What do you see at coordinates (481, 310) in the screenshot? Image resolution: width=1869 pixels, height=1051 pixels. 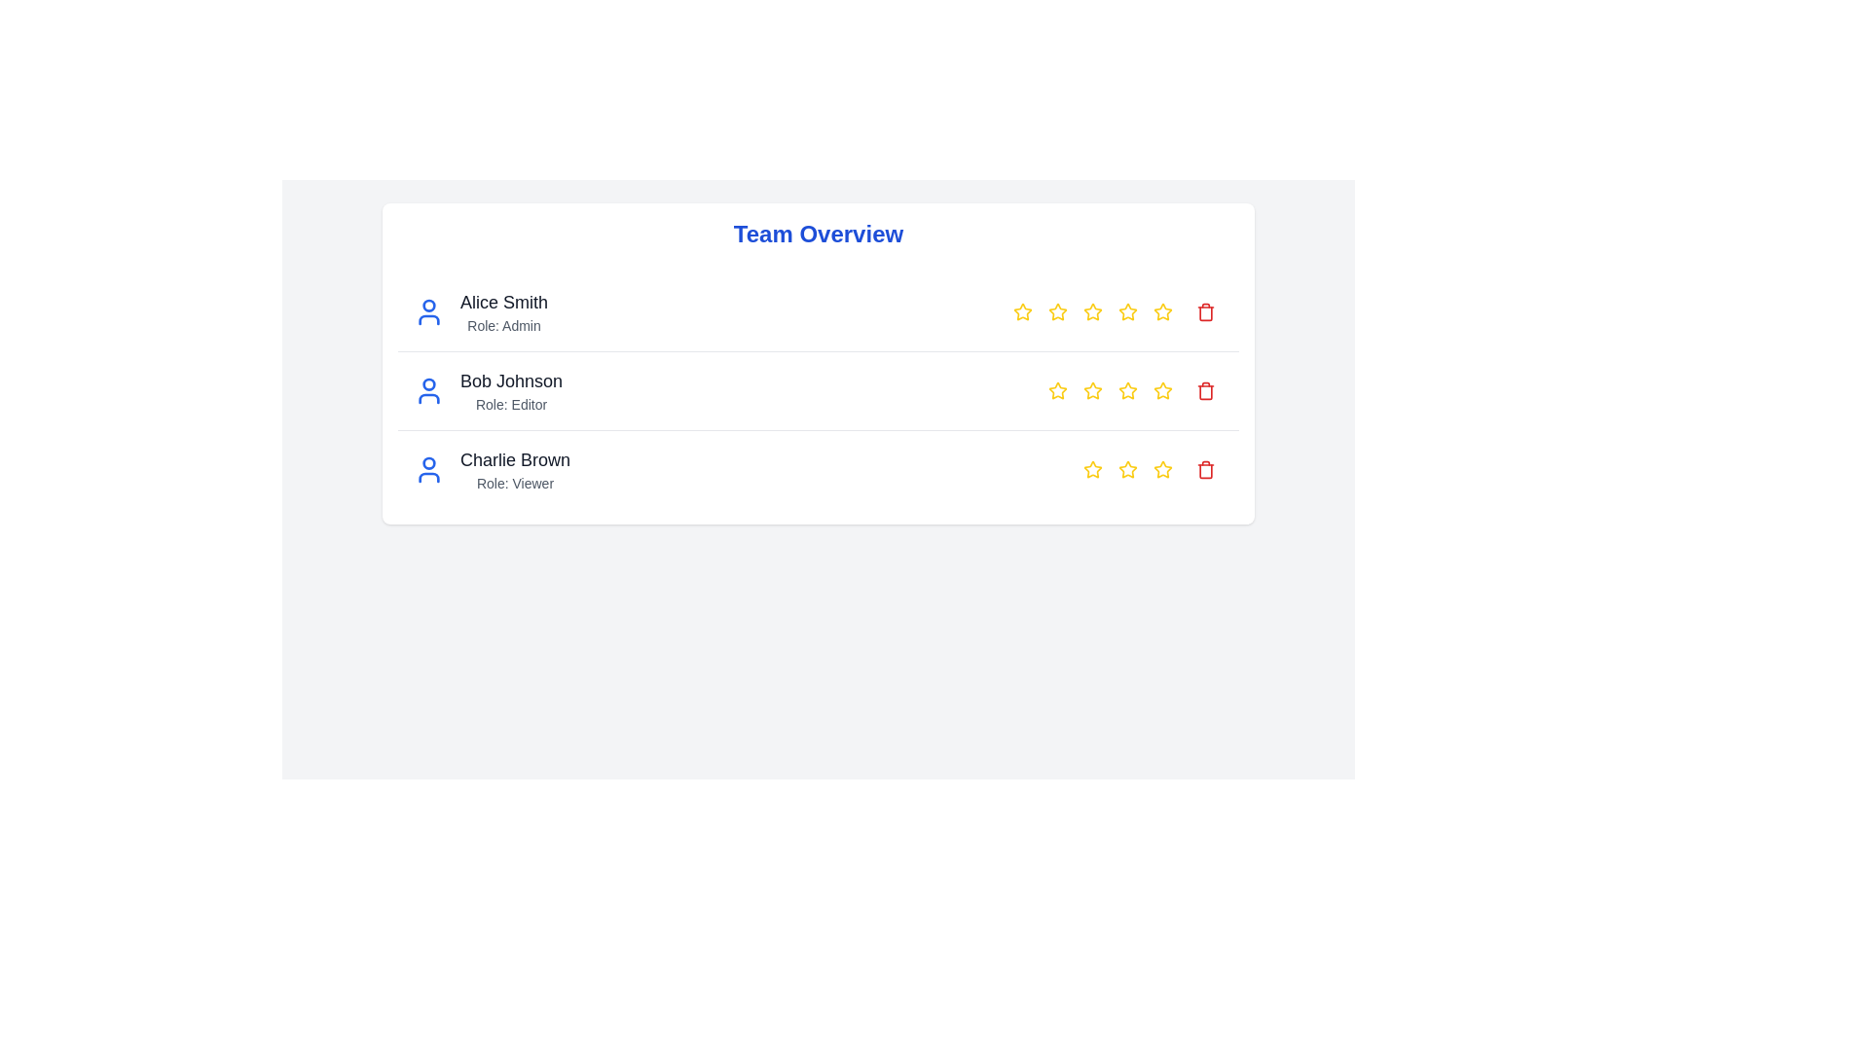 I see `the informational list entry displaying user information, which includes a user icon, name, and role, located in the first row of a light-gray card layout` at bounding box center [481, 310].